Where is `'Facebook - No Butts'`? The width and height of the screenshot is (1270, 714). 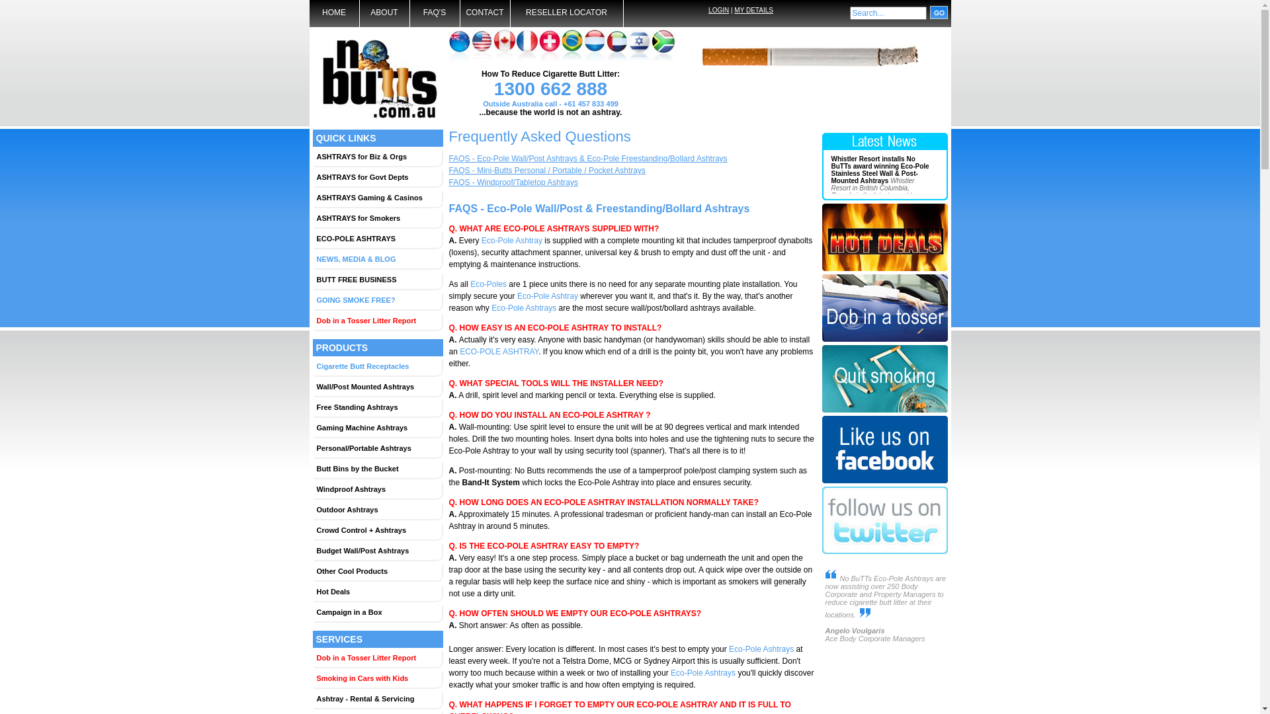
'Facebook - No Butts' is located at coordinates (884, 484).